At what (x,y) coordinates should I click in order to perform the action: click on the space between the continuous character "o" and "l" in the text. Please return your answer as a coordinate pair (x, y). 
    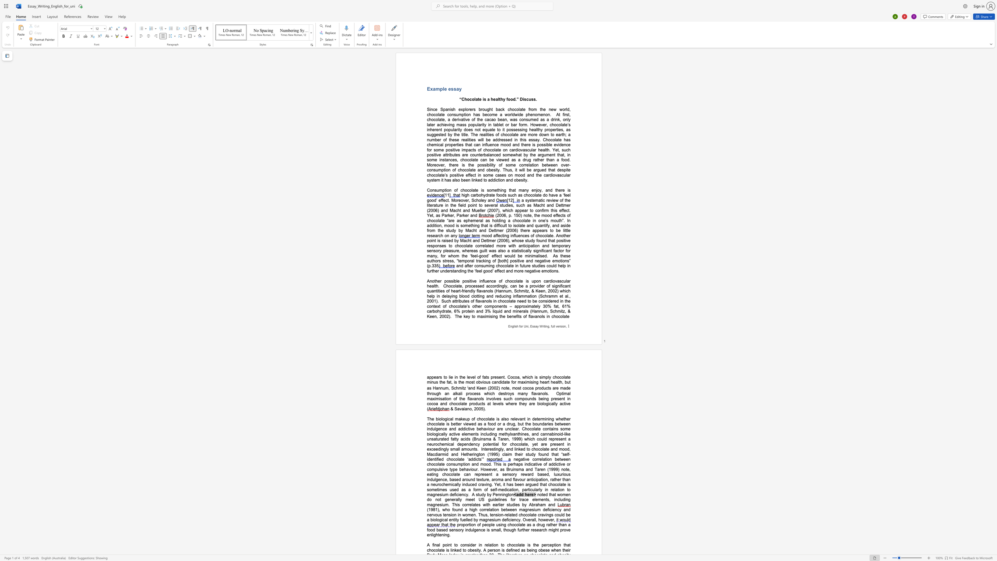
    Looking at the image, I should click on (545, 393).